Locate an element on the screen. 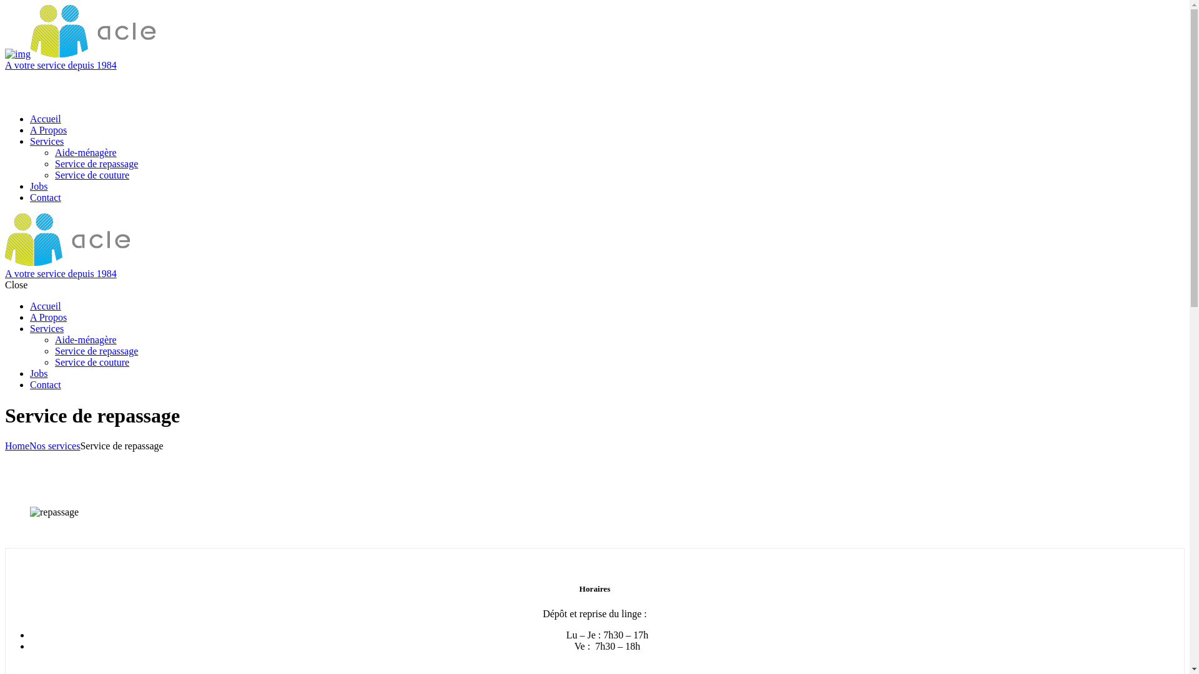 The image size is (1199, 674). 'Service de couture' is located at coordinates (91, 175).